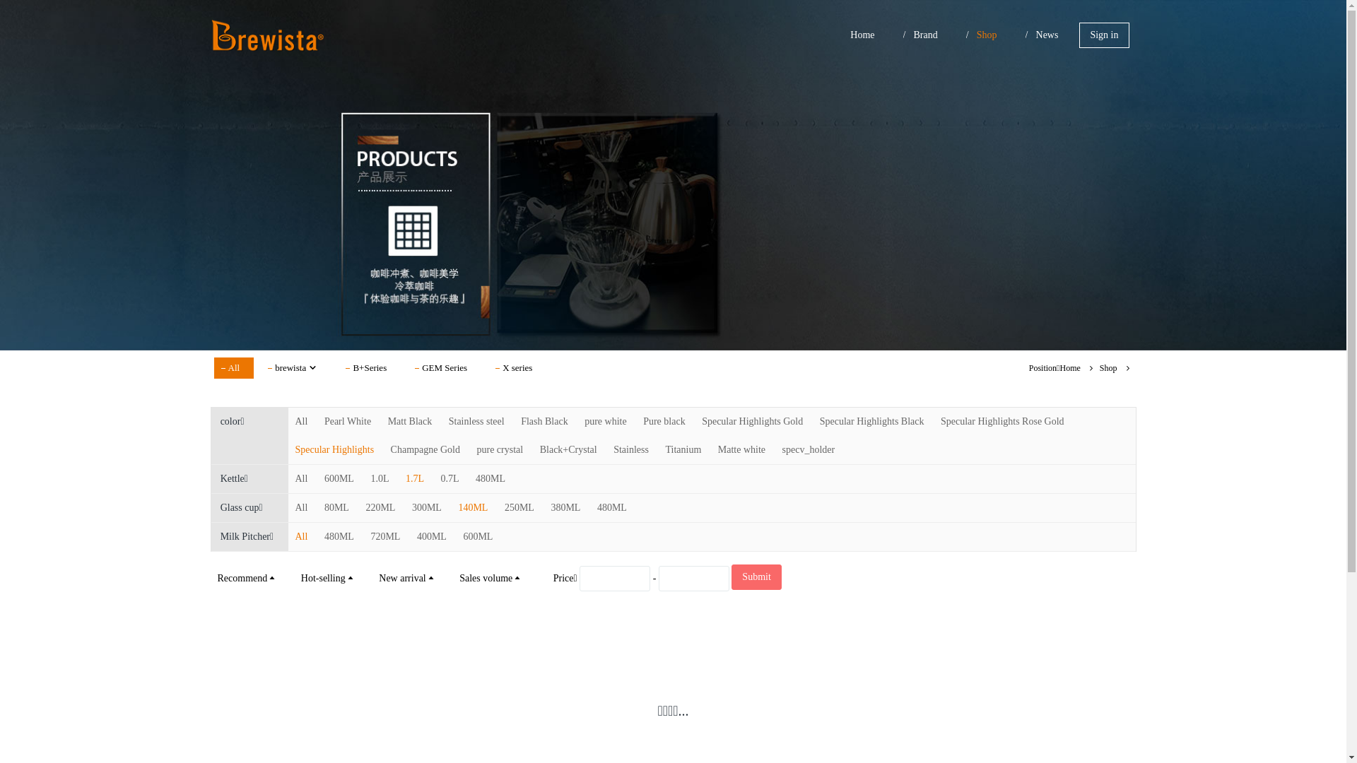  Describe the element at coordinates (327, 578) in the screenshot. I see `'Hot-selling'` at that location.